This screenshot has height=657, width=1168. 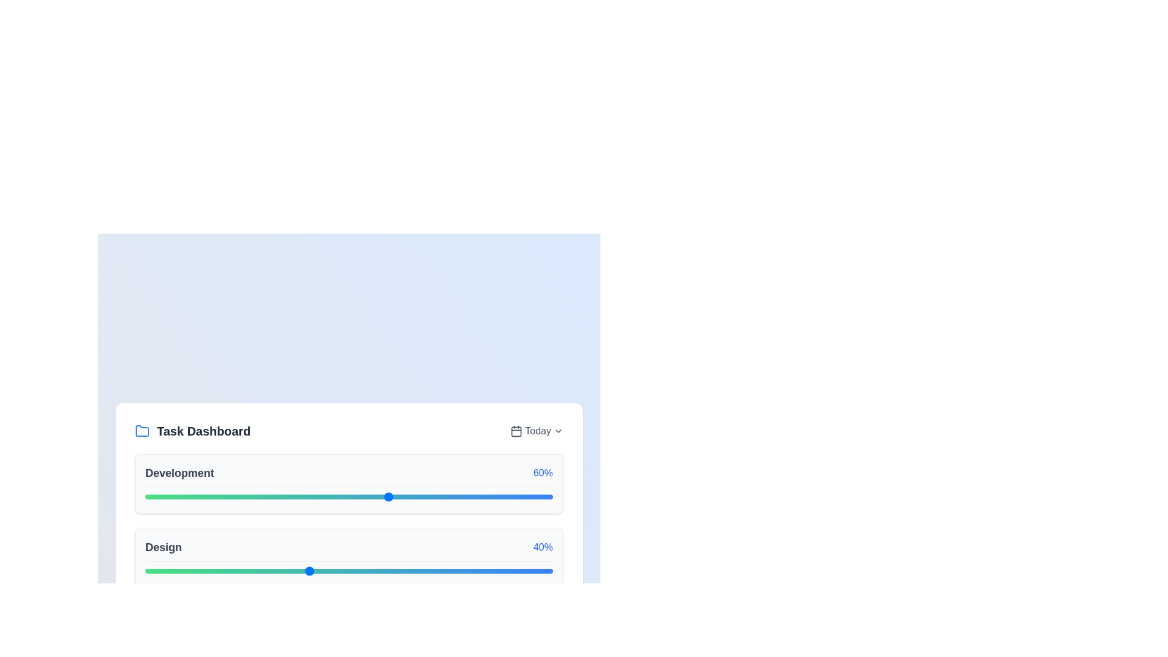 What do you see at coordinates (271, 497) in the screenshot?
I see `the development progress` at bounding box center [271, 497].